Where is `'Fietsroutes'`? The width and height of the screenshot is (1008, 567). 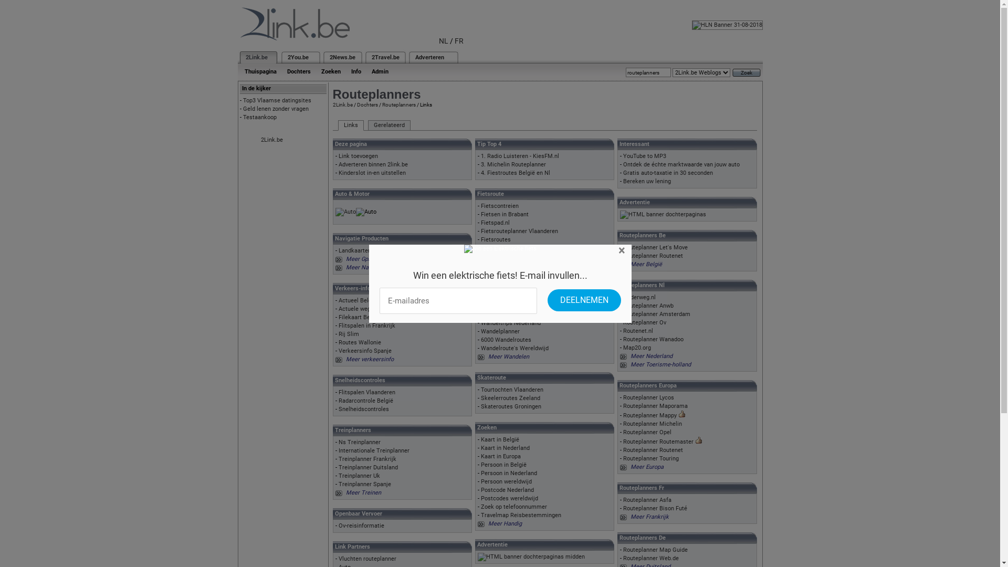
'Fietsroutes' is located at coordinates (495, 239).